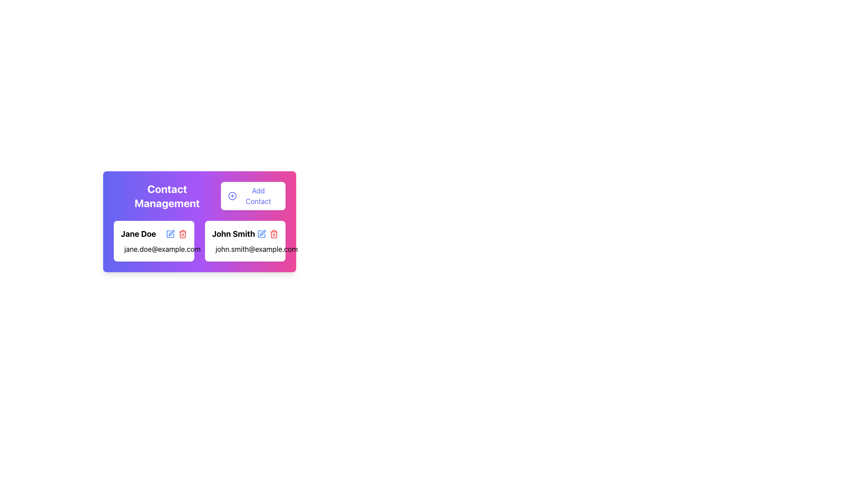 Image resolution: width=850 pixels, height=478 pixels. I want to click on the trash bin icon element, which is part of the 'Delete' button associated with John Smith's contact information. This element is a rounded rectangular shape with a thin dark stroke and a transparent fill, positioned centrally within the SVG graphic, so click(182, 234).